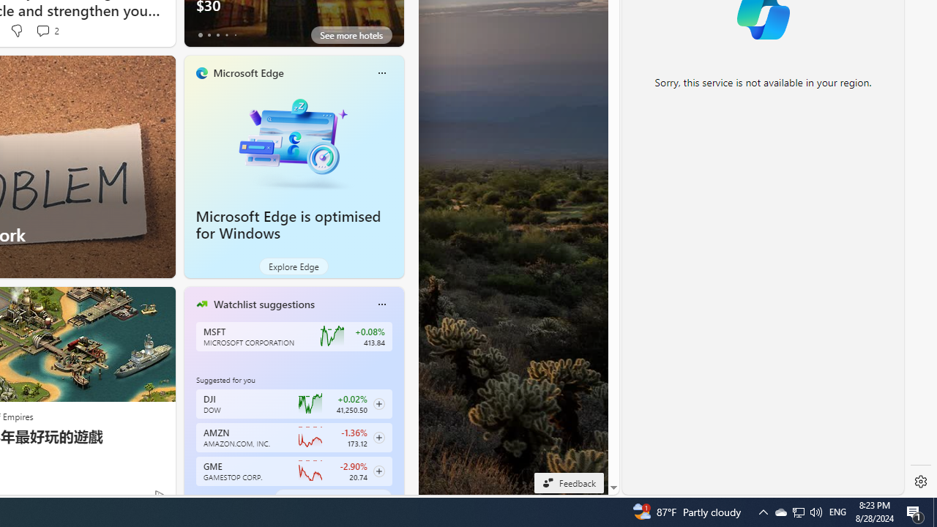 This screenshot has height=527, width=937. Describe the element at coordinates (381, 303) in the screenshot. I see `'More options'` at that location.